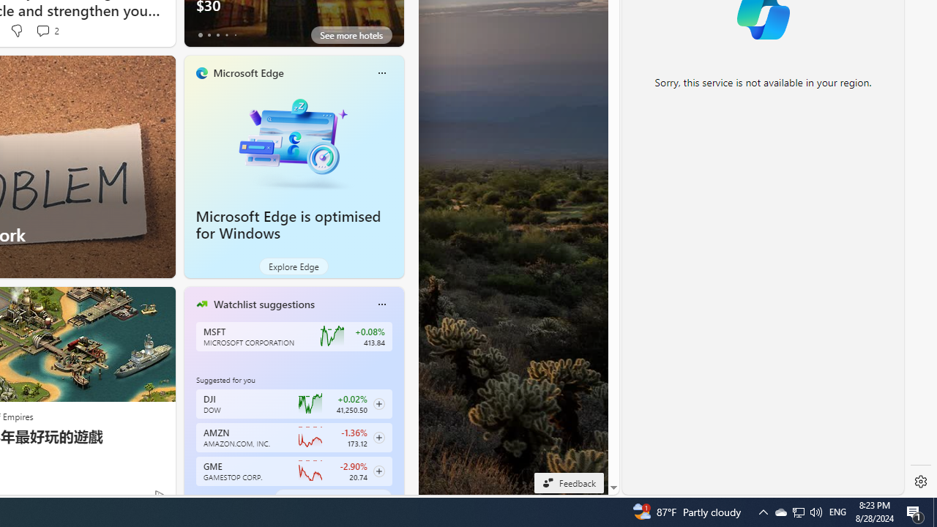 This screenshot has height=527, width=937. Describe the element at coordinates (381, 303) in the screenshot. I see `'More options'` at that location.